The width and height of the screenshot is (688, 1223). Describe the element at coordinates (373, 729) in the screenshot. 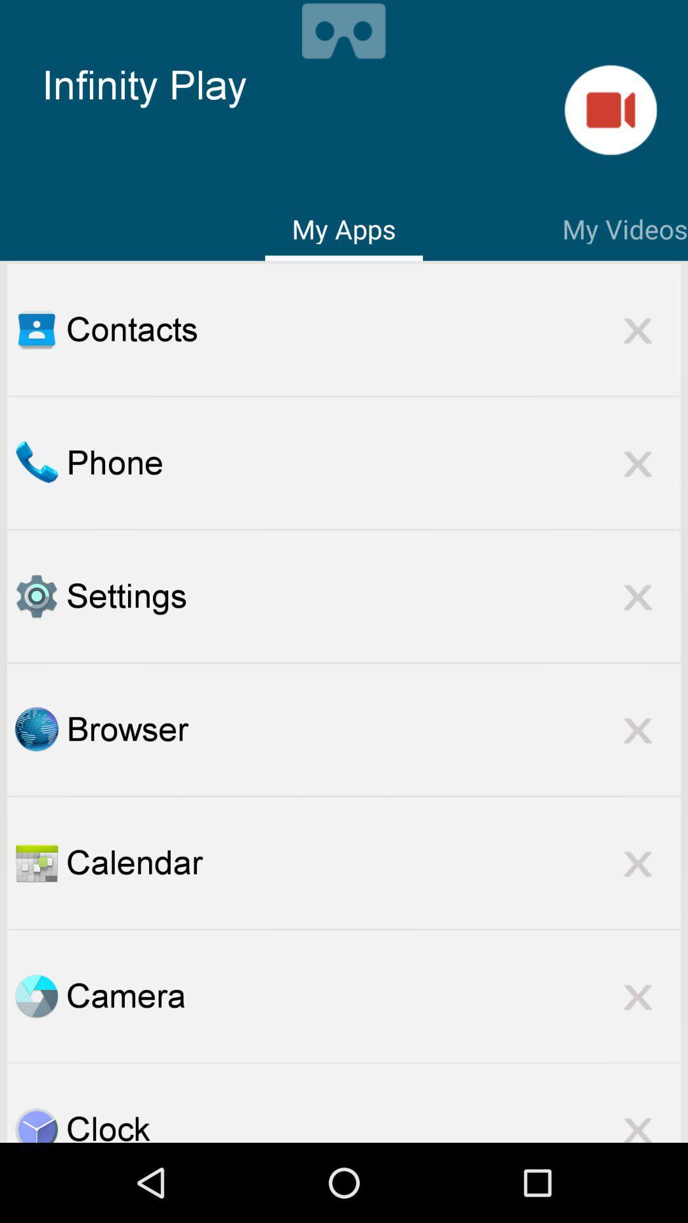

I see `the browser icon` at that location.